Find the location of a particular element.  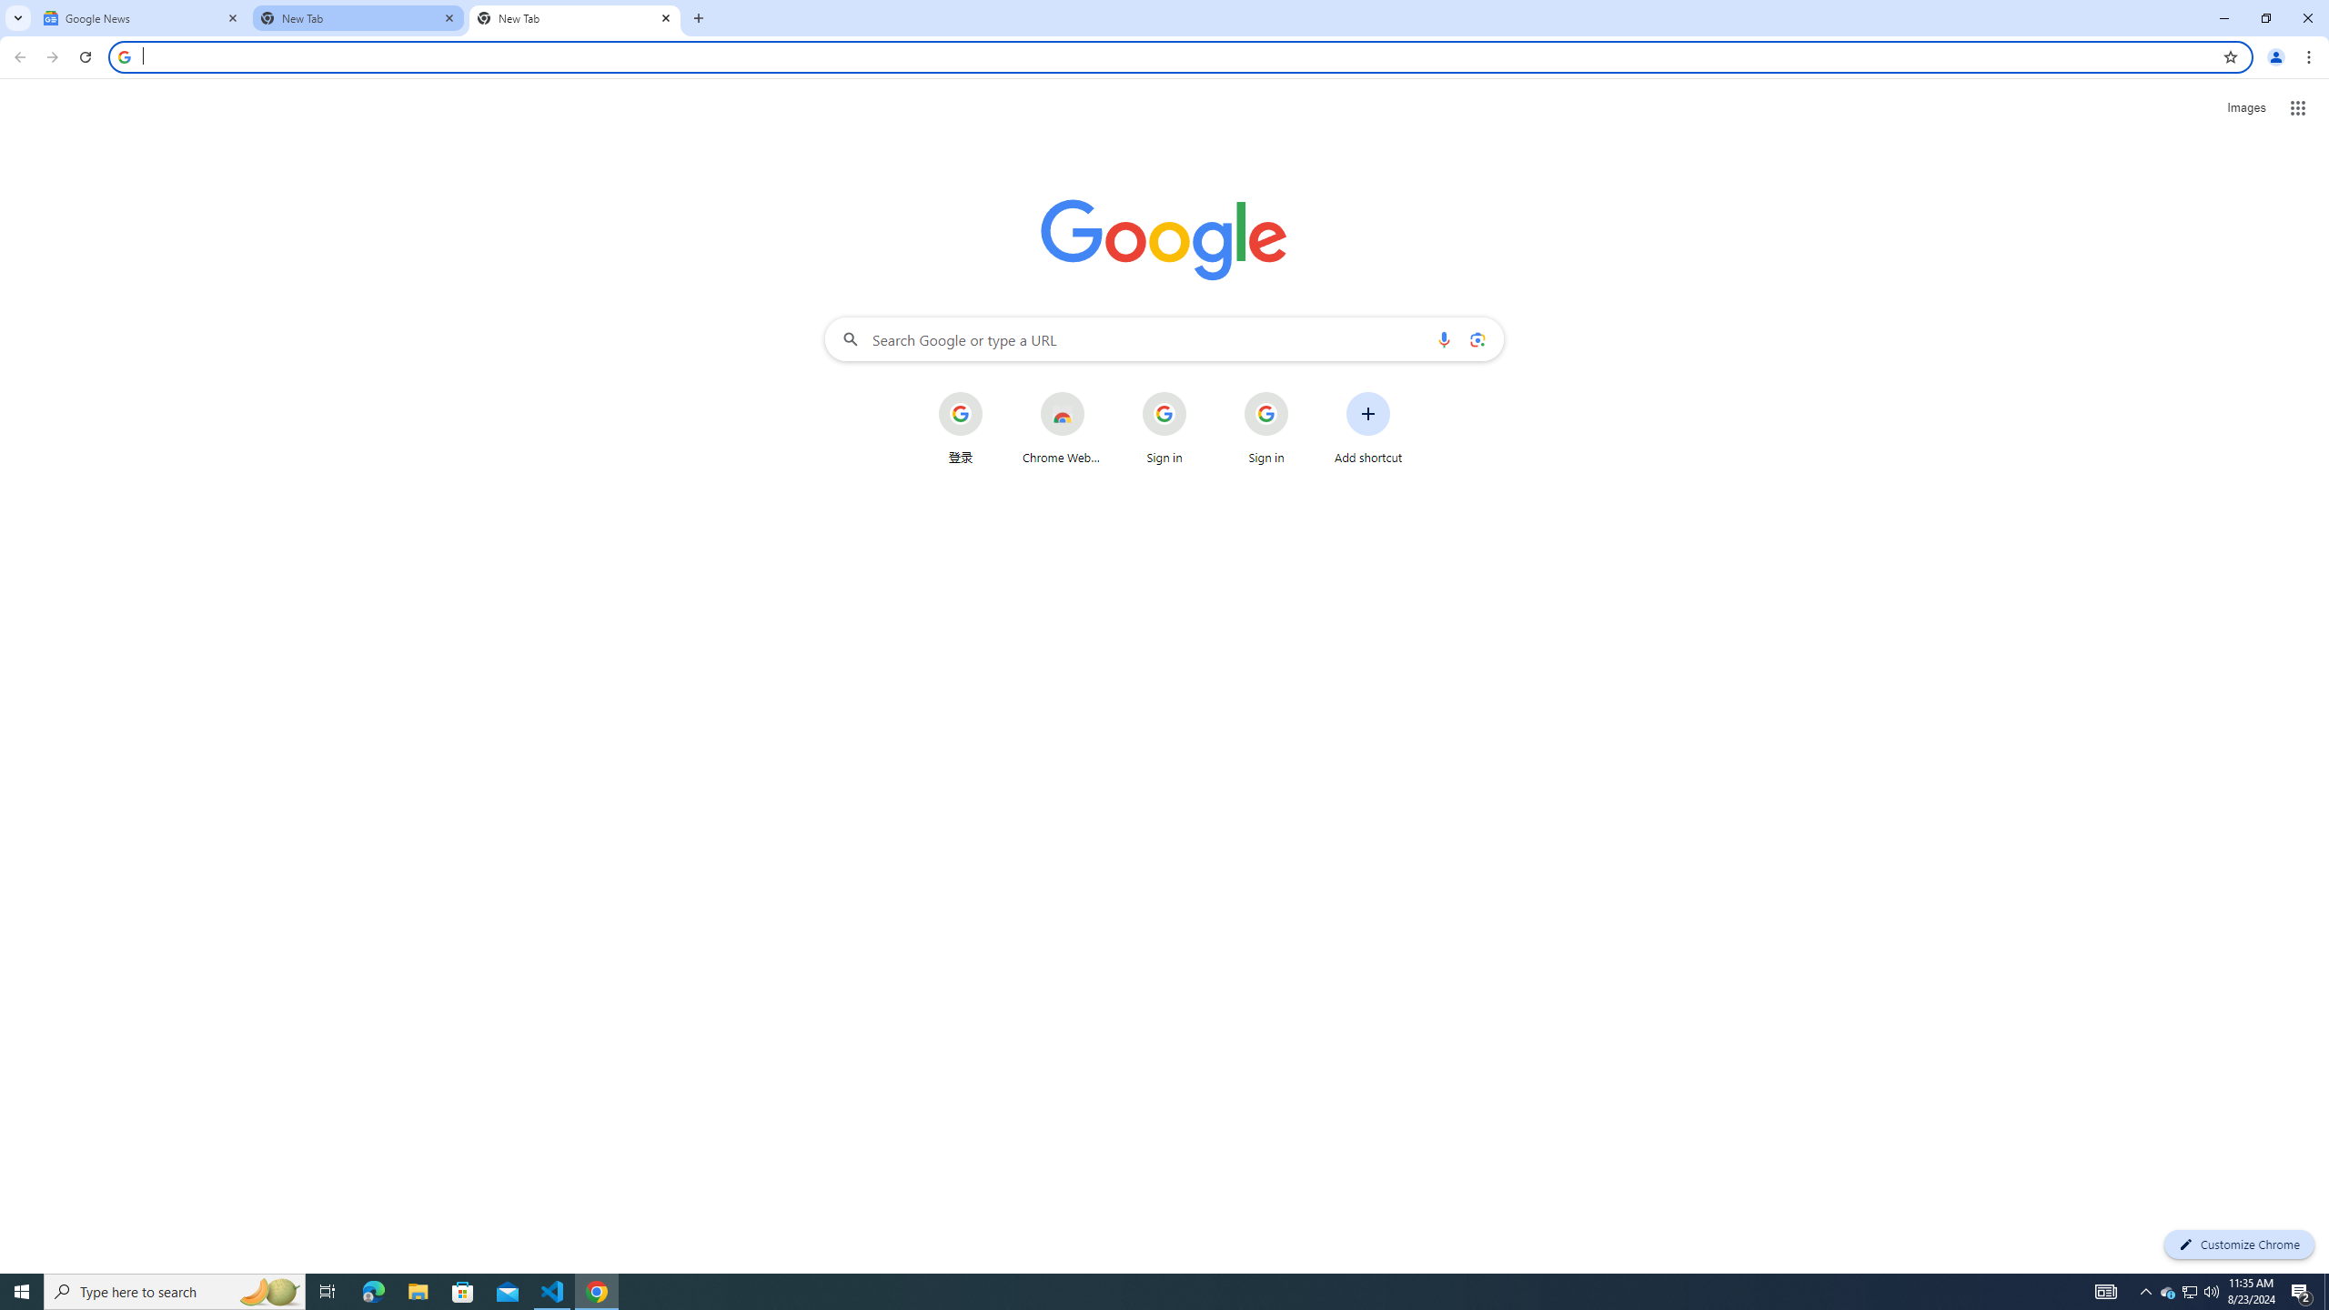

'Search by voice' is located at coordinates (1443, 338).